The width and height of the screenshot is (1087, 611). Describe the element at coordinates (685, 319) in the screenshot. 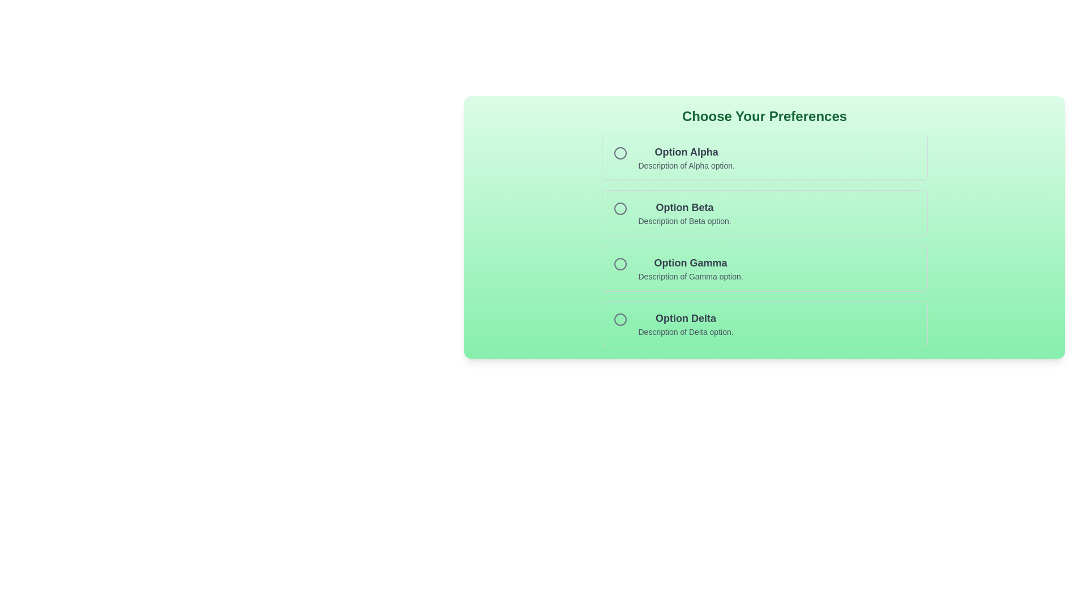

I see `the text label displaying 'Option Delta' which is styled in bold dark gray on a light green background, positioned near the center-right of the interface, as part of the 'Choose Your Preferences' section` at that location.